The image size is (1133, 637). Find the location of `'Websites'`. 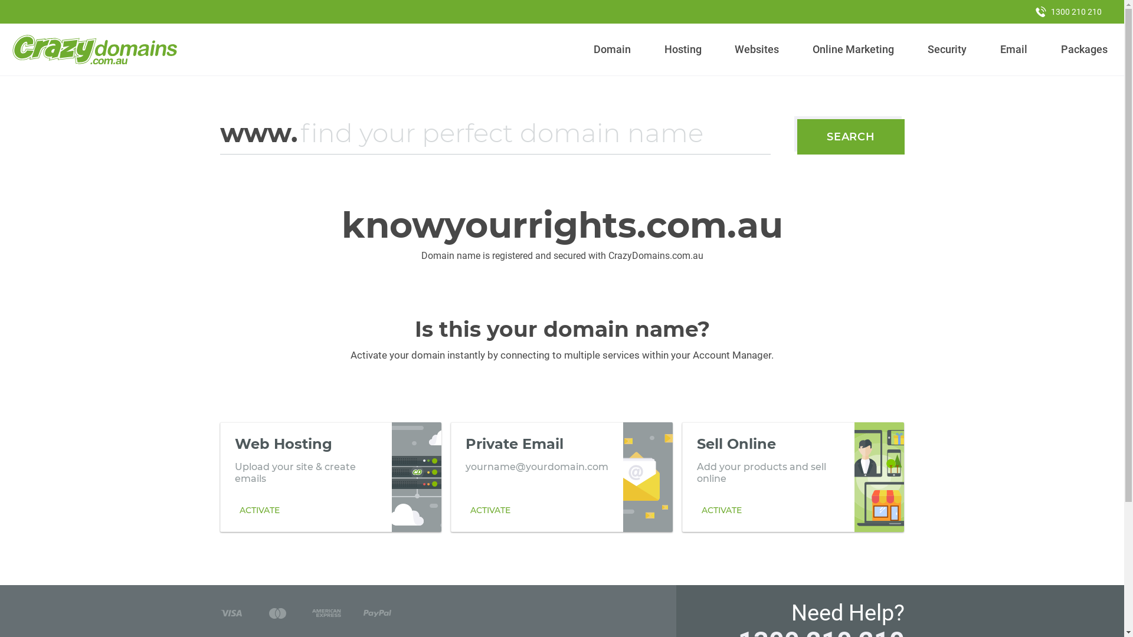

'Websites' is located at coordinates (729, 49).